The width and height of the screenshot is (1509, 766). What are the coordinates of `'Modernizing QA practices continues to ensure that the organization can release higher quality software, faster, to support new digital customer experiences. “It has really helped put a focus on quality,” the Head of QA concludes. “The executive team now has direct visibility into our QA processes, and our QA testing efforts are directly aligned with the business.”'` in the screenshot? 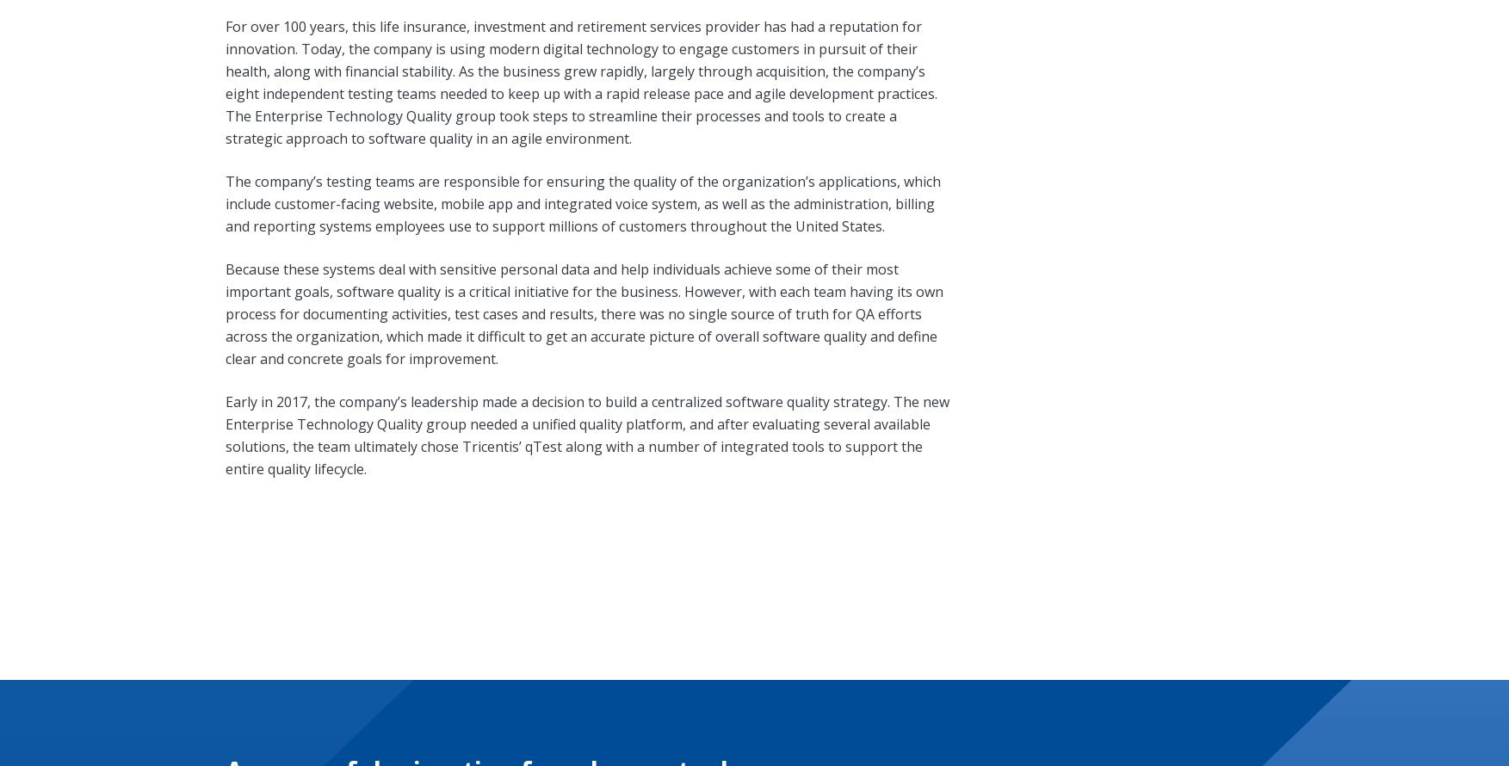 It's located at (584, 337).